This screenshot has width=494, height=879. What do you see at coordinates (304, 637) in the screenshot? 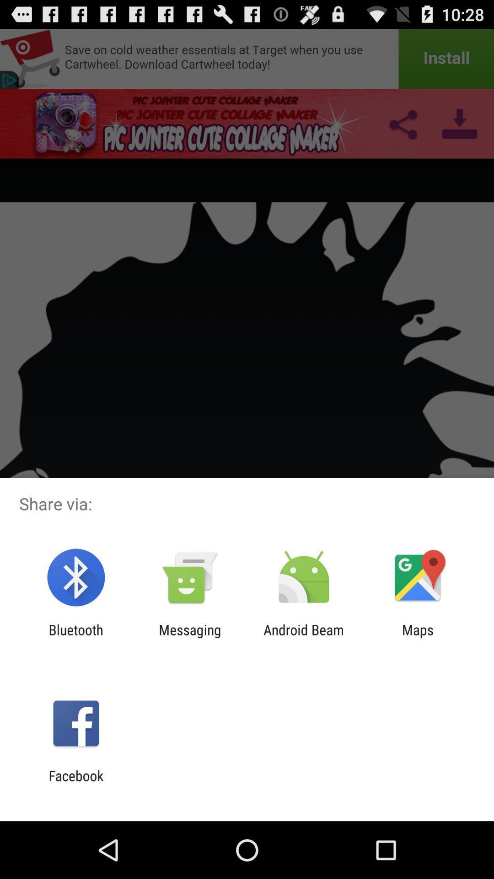
I see `the item next to the maps icon` at bounding box center [304, 637].